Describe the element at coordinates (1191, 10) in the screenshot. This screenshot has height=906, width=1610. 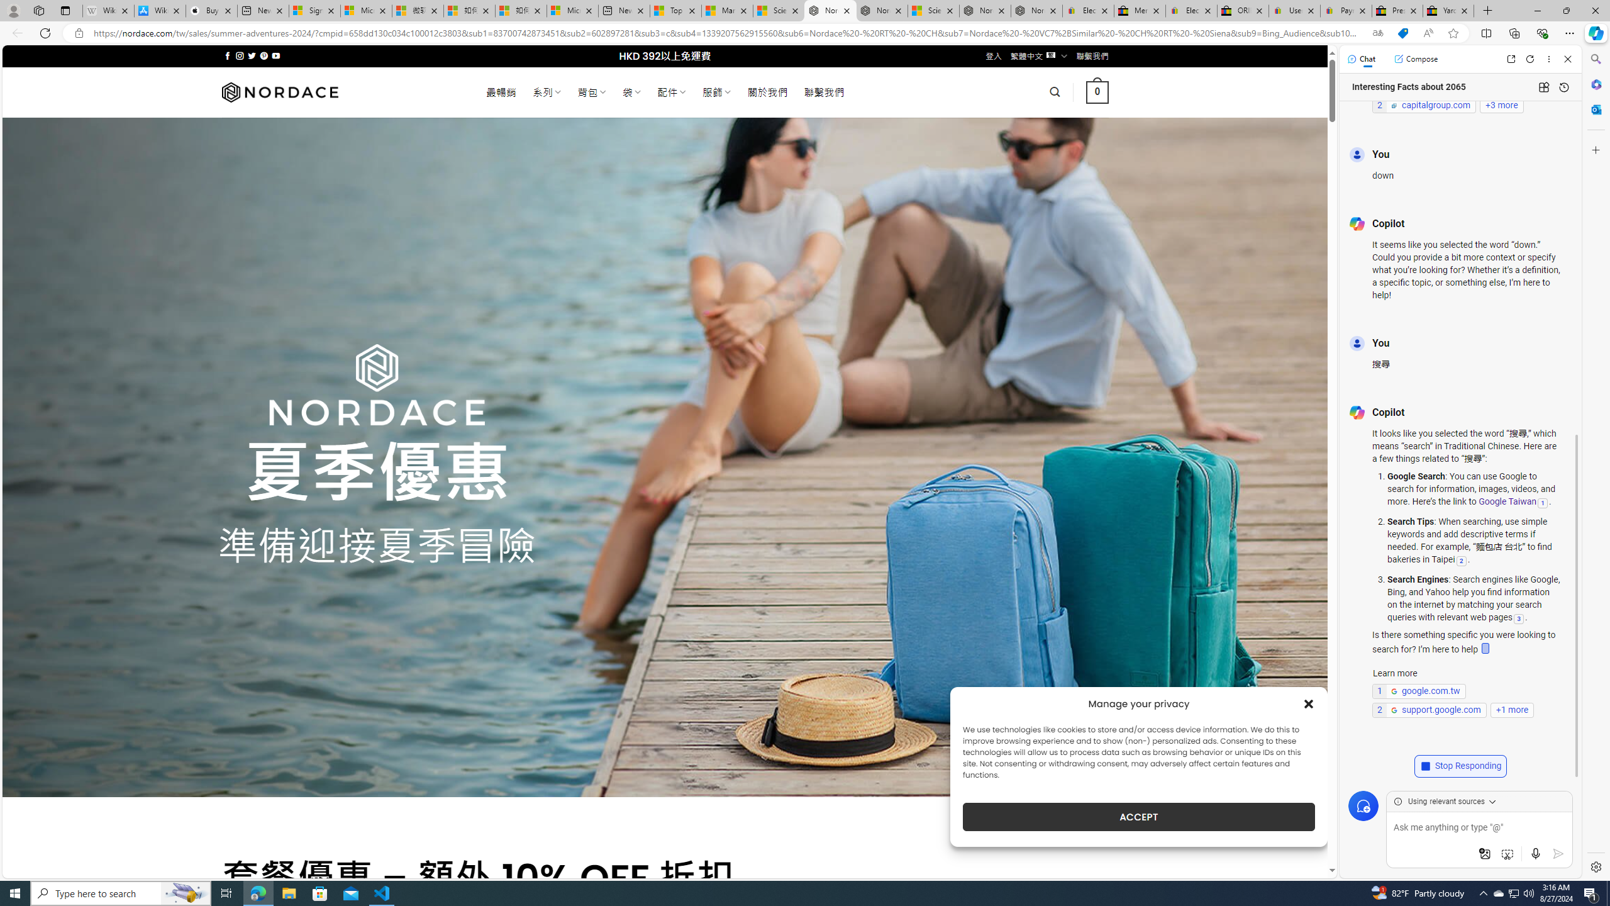
I see `'Electronics, Cars, Fashion, Collectibles & More | eBay'` at that location.